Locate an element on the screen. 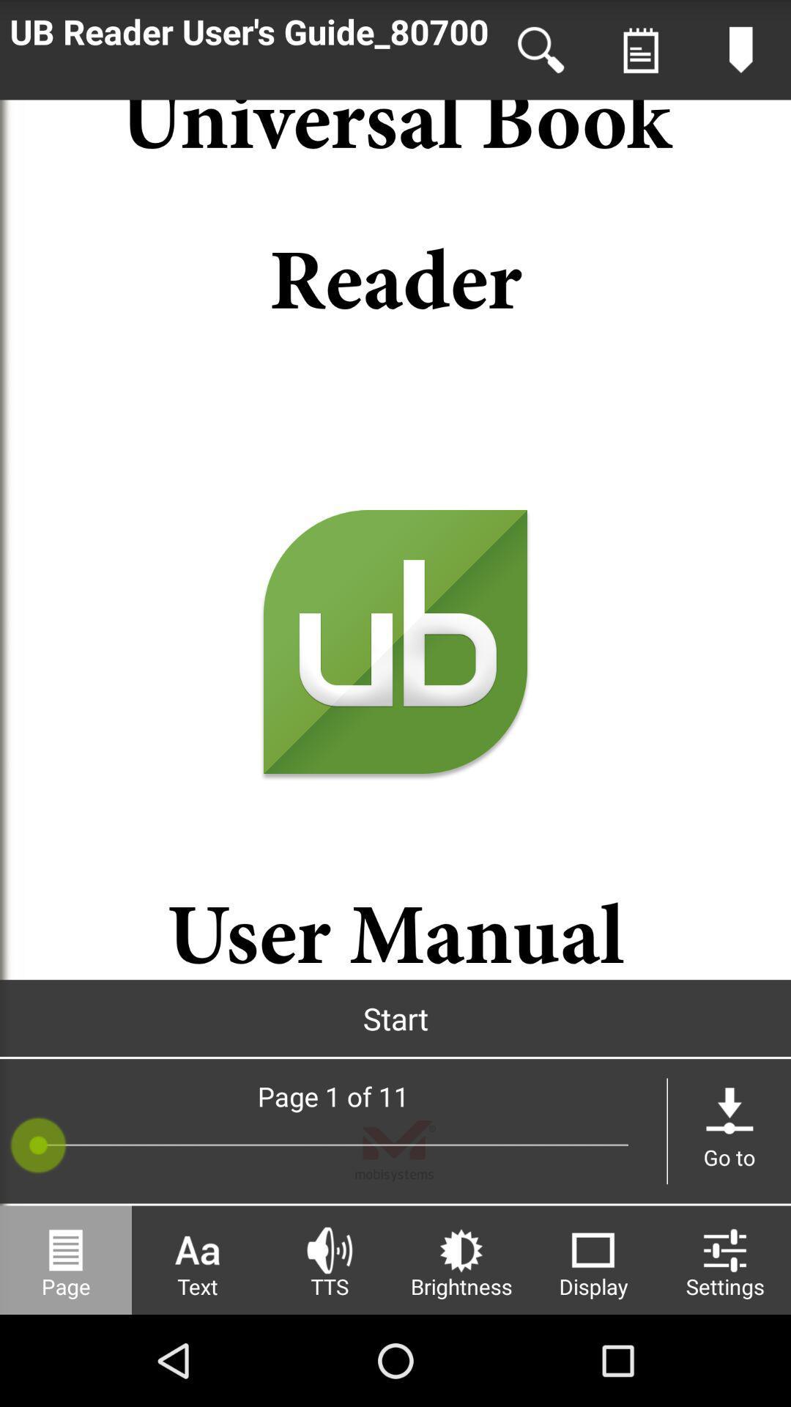  the second button from the right side at bottom of the page is located at coordinates (593, 1259).